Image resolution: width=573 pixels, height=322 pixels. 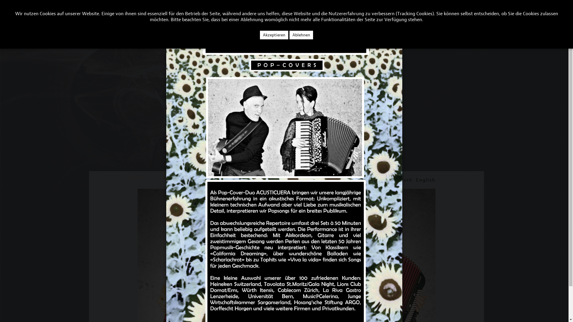 What do you see at coordinates (425, 179) in the screenshot?
I see `'English'` at bounding box center [425, 179].